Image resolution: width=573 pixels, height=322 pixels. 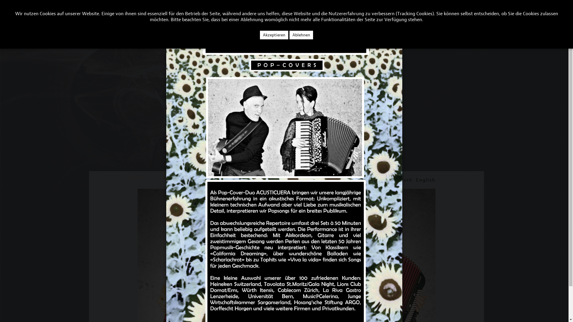 What do you see at coordinates (425, 179) in the screenshot?
I see `'English'` at bounding box center [425, 179].